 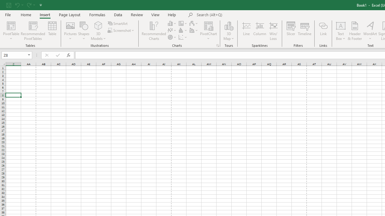 What do you see at coordinates (246, 31) in the screenshot?
I see `'Line'` at bounding box center [246, 31].